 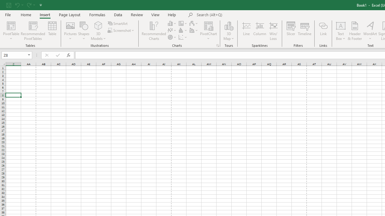 What do you see at coordinates (246, 31) in the screenshot?
I see `'Line'` at bounding box center [246, 31].